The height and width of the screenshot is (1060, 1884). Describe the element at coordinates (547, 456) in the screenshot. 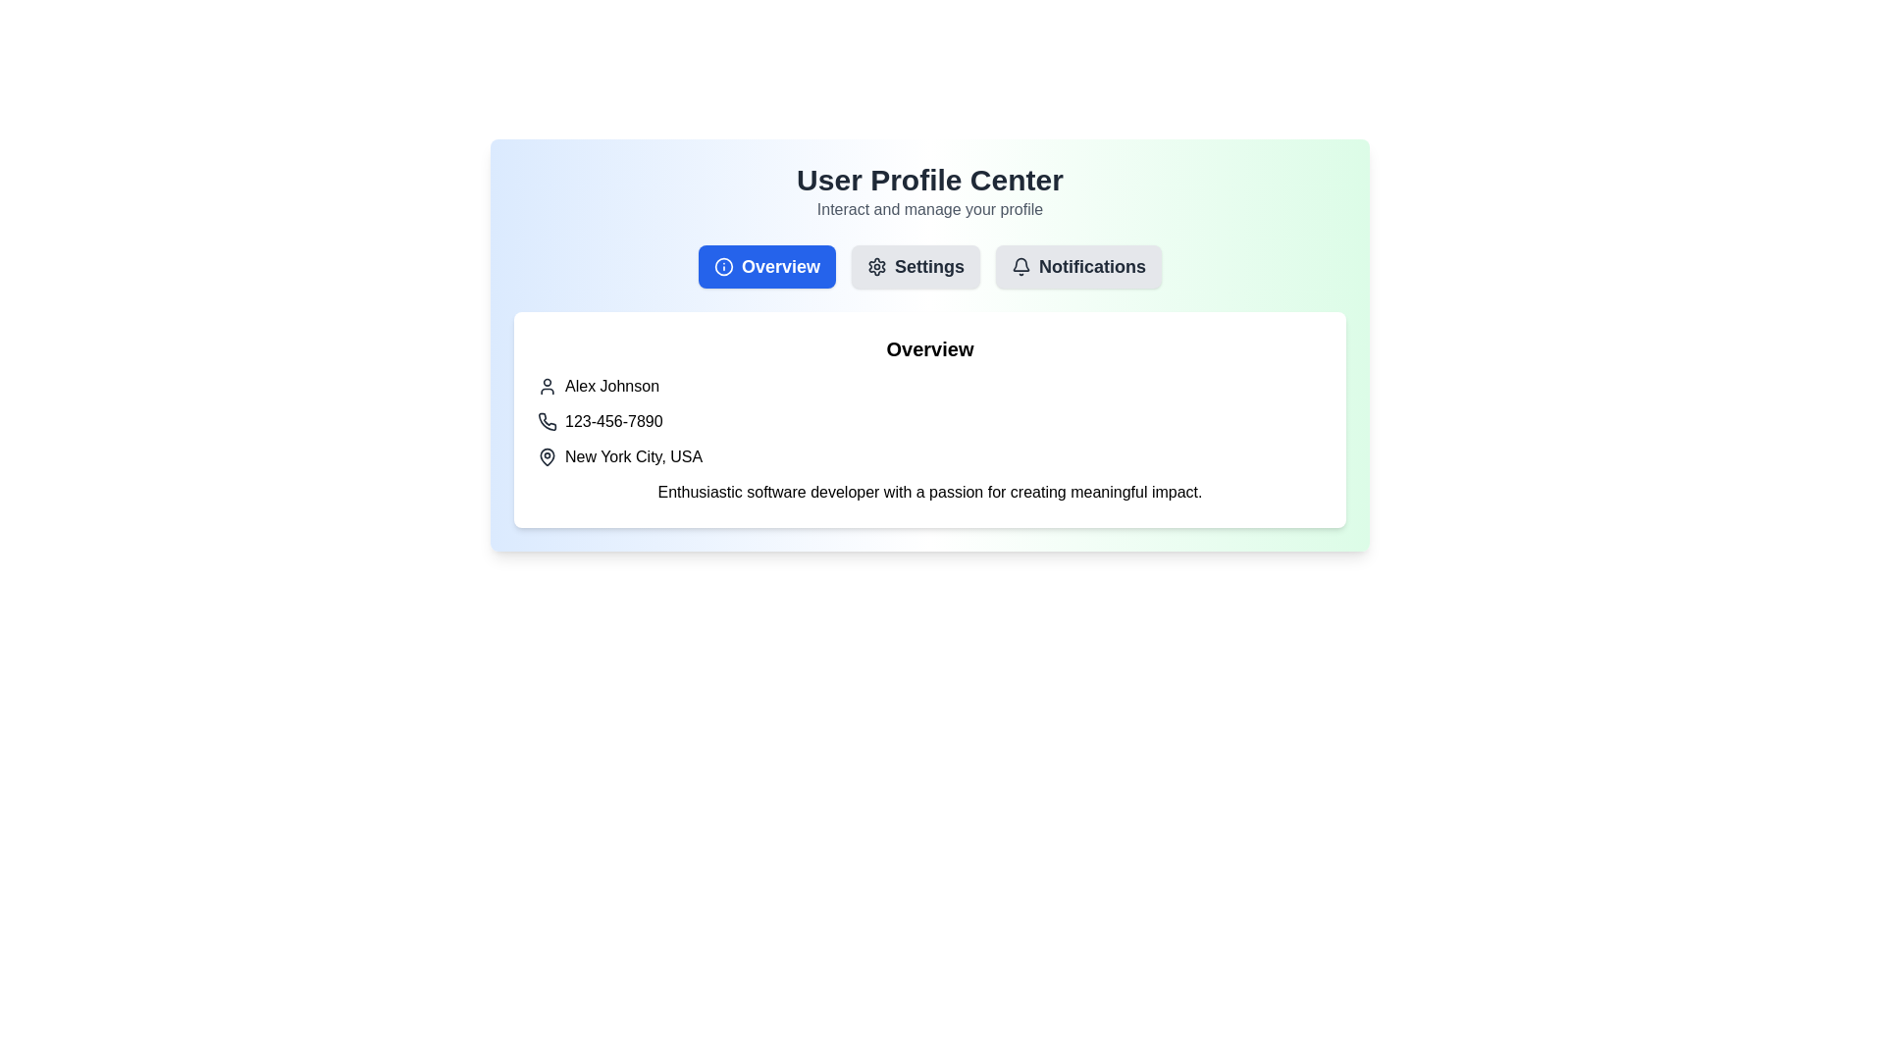

I see `the location marker icon representing 'New York City', which is positioned directly to the left of the text 'New York City, USA'` at that location.